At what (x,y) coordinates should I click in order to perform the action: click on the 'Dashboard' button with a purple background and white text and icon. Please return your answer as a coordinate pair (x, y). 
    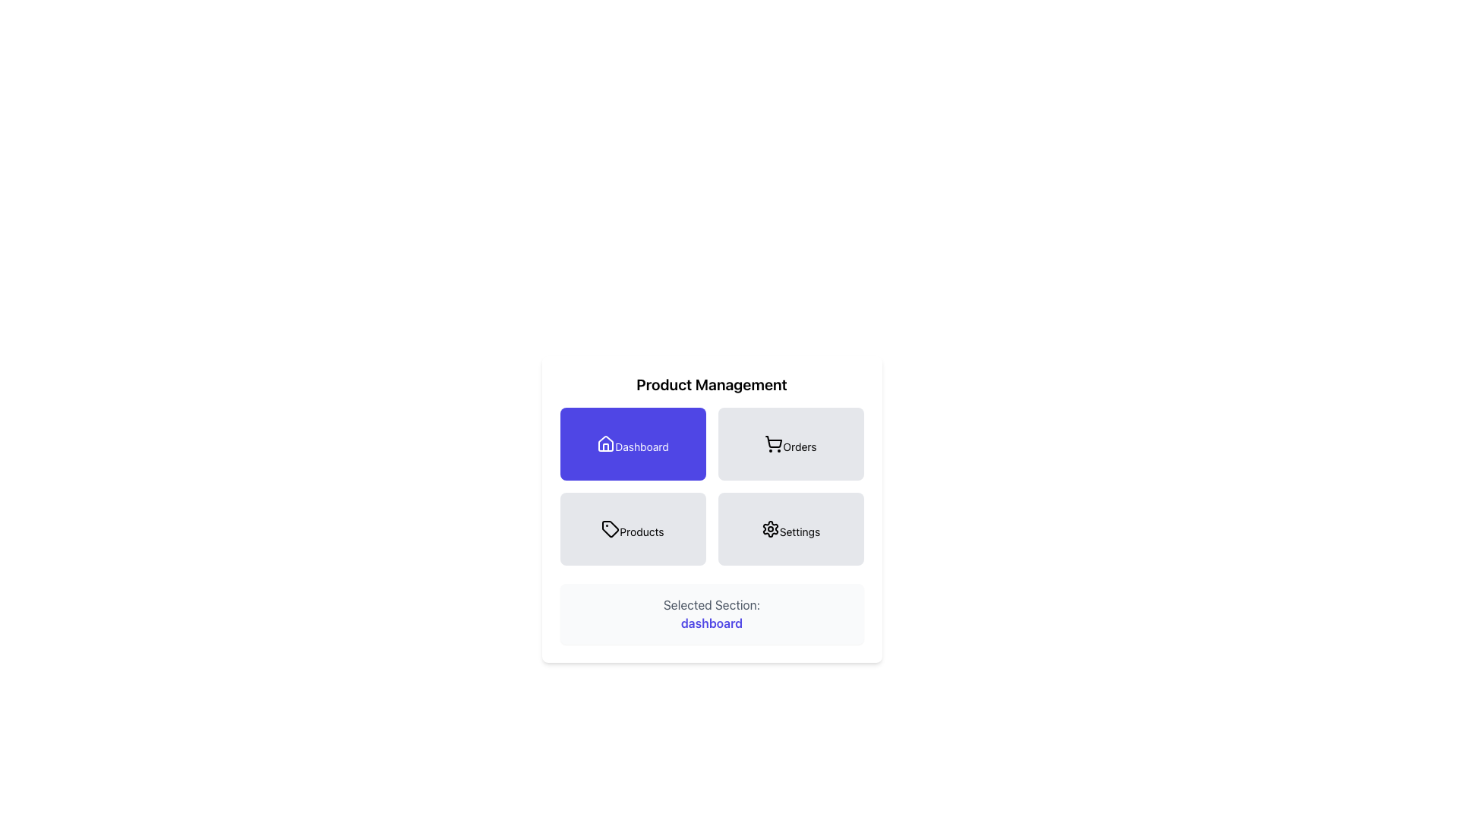
    Looking at the image, I should click on (633, 444).